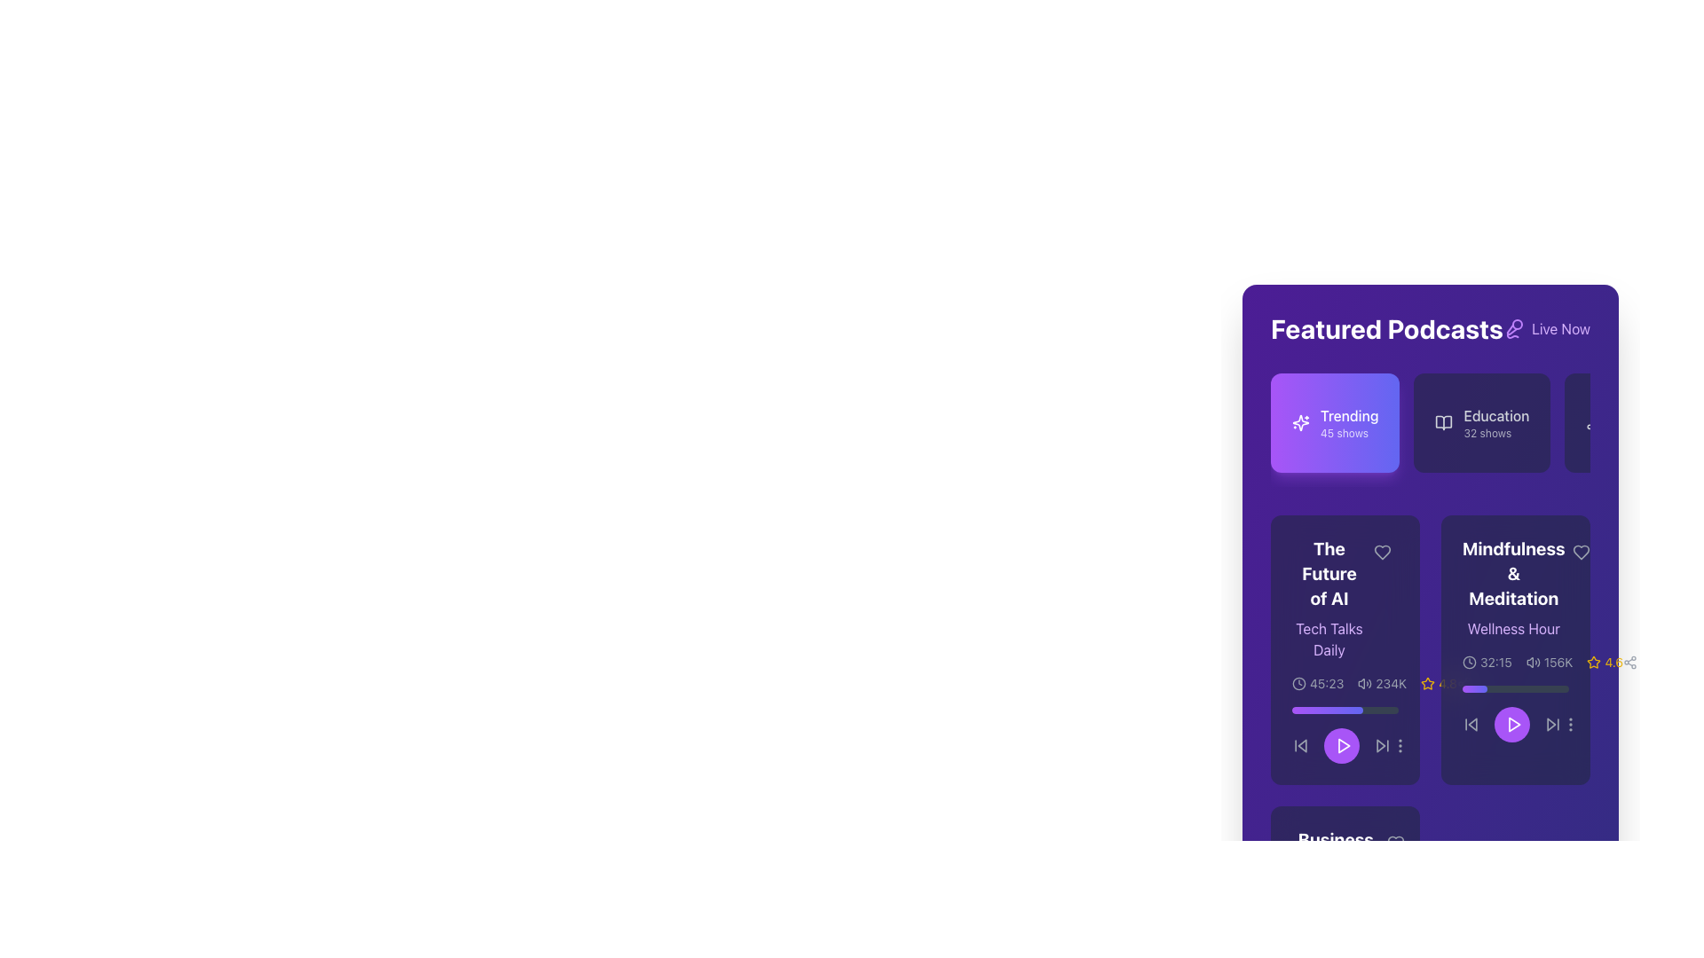 This screenshot has height=958, width=1704. Describe the element at coordinates (1329, 640) in the screenshot. I see `the static text display that shows 'Tech Talks Daily' in light purple font, located below the title 'The Future of AI' within the card layout` at that location.